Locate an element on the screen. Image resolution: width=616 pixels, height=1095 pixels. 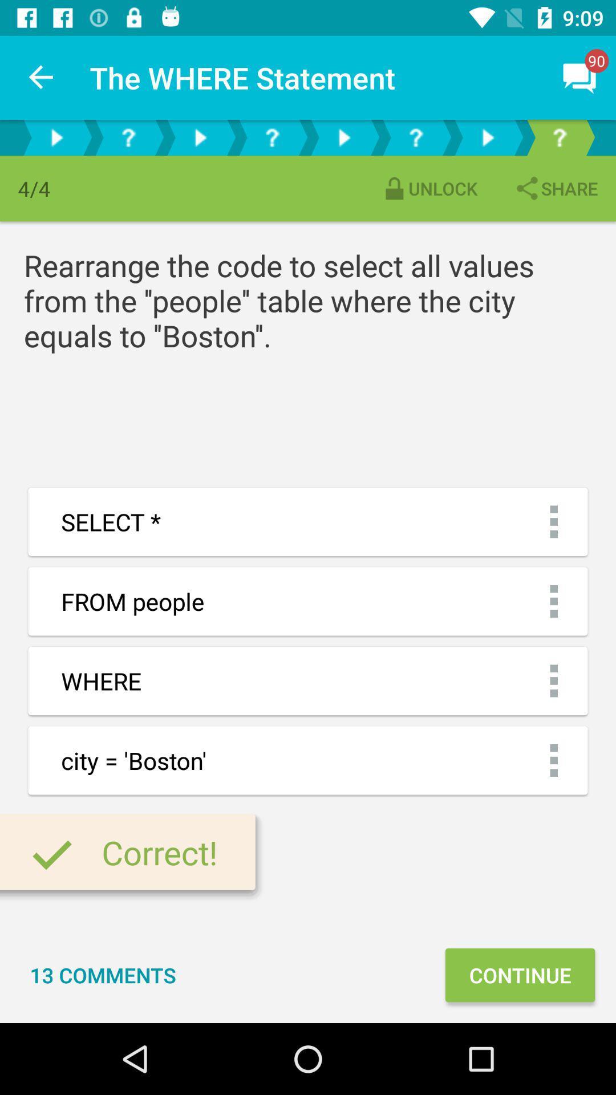
the icon to the right of the unlock icon is located at coordinates (555, 188).